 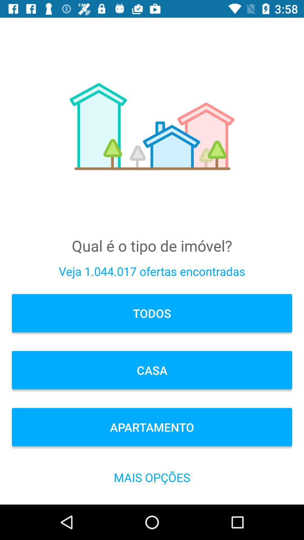 What do you see at coordinates (152, 313) in the screenshot?
I see `the item above casa icon` at bounding box center [152, 313].